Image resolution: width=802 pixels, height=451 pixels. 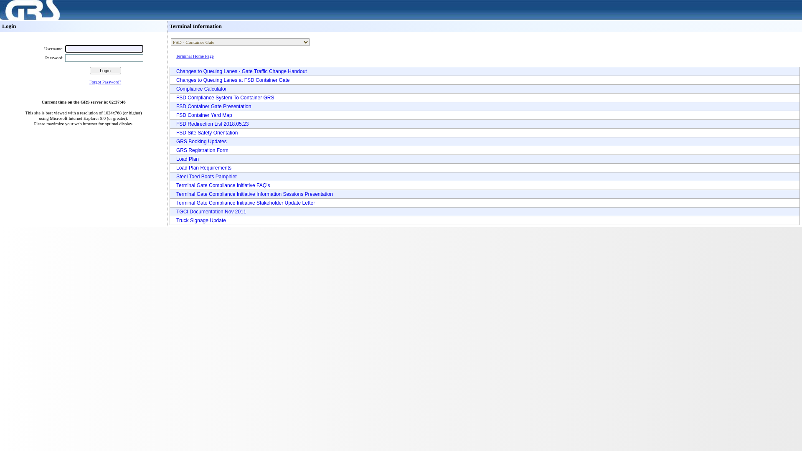 What do you see at coordinates (172, 176) in the screenshot?
I see `'Steel Toed Boots Pamphlet'` at bounding box center [172, 176].